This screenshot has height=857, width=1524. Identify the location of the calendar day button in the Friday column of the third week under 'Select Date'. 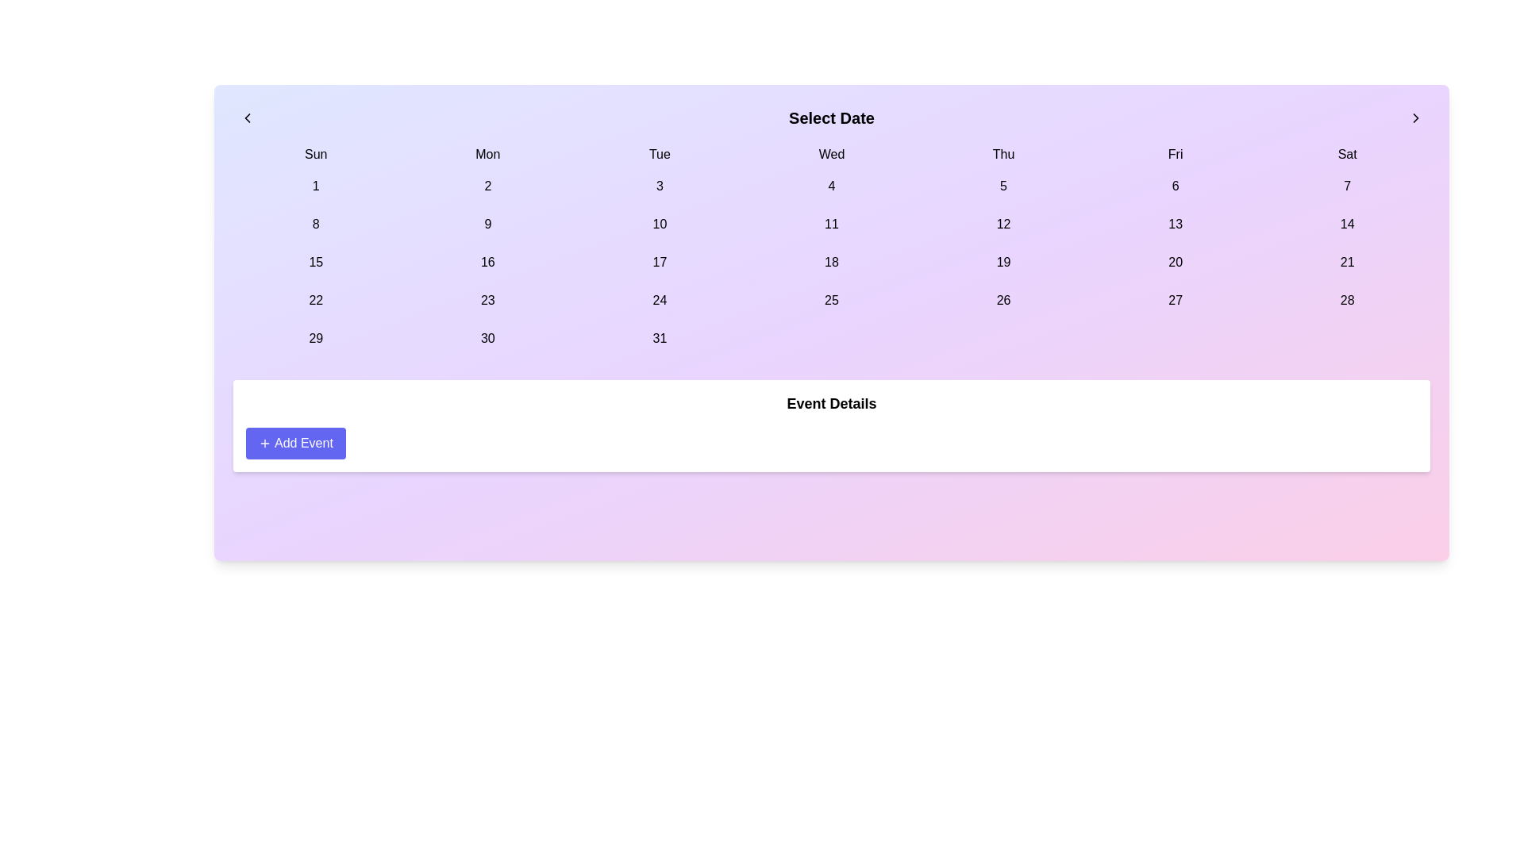
(1176, 262).